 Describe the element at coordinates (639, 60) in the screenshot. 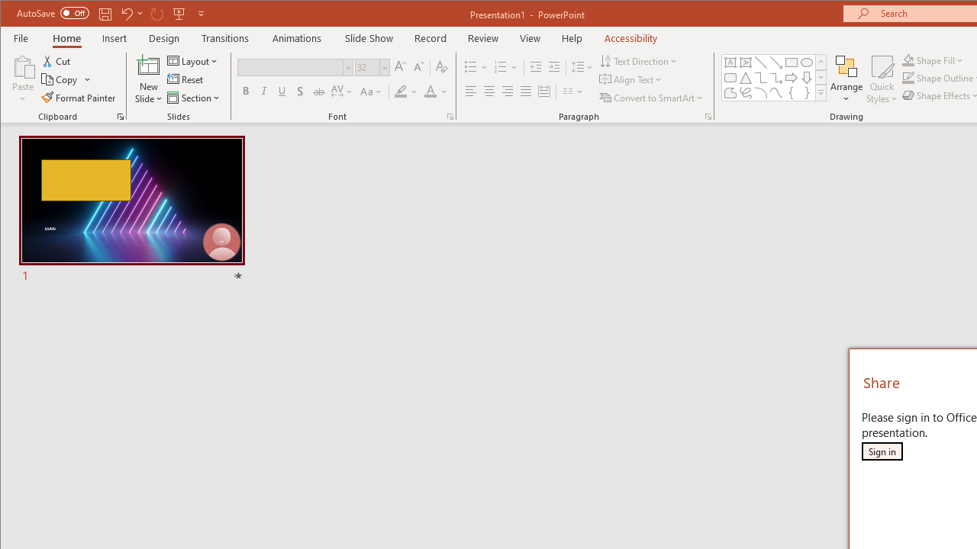

I see `'Text Direction'` at that location.